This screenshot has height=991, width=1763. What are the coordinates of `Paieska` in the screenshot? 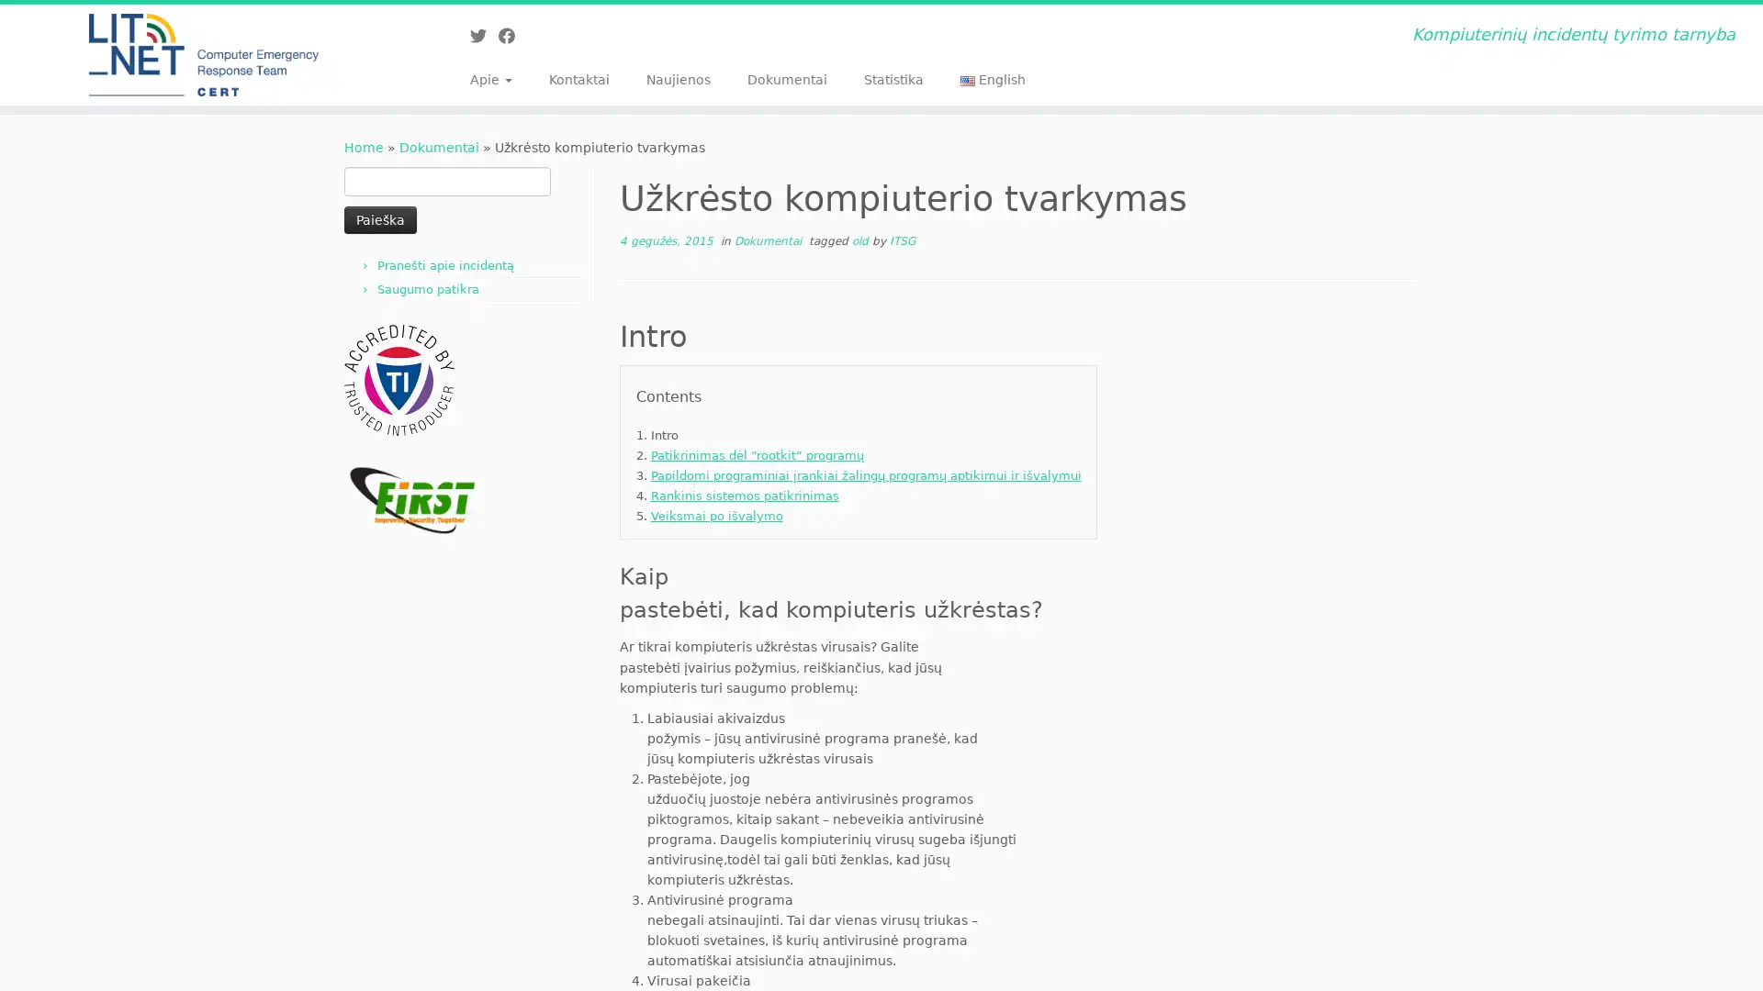 It's located at (379, 218).